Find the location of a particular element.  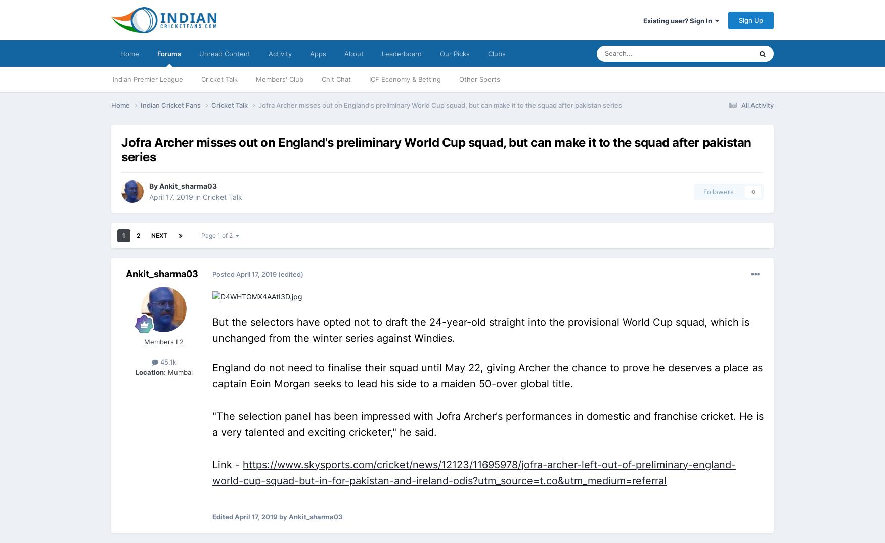

'Posted' is located at coordinates (224, 274).